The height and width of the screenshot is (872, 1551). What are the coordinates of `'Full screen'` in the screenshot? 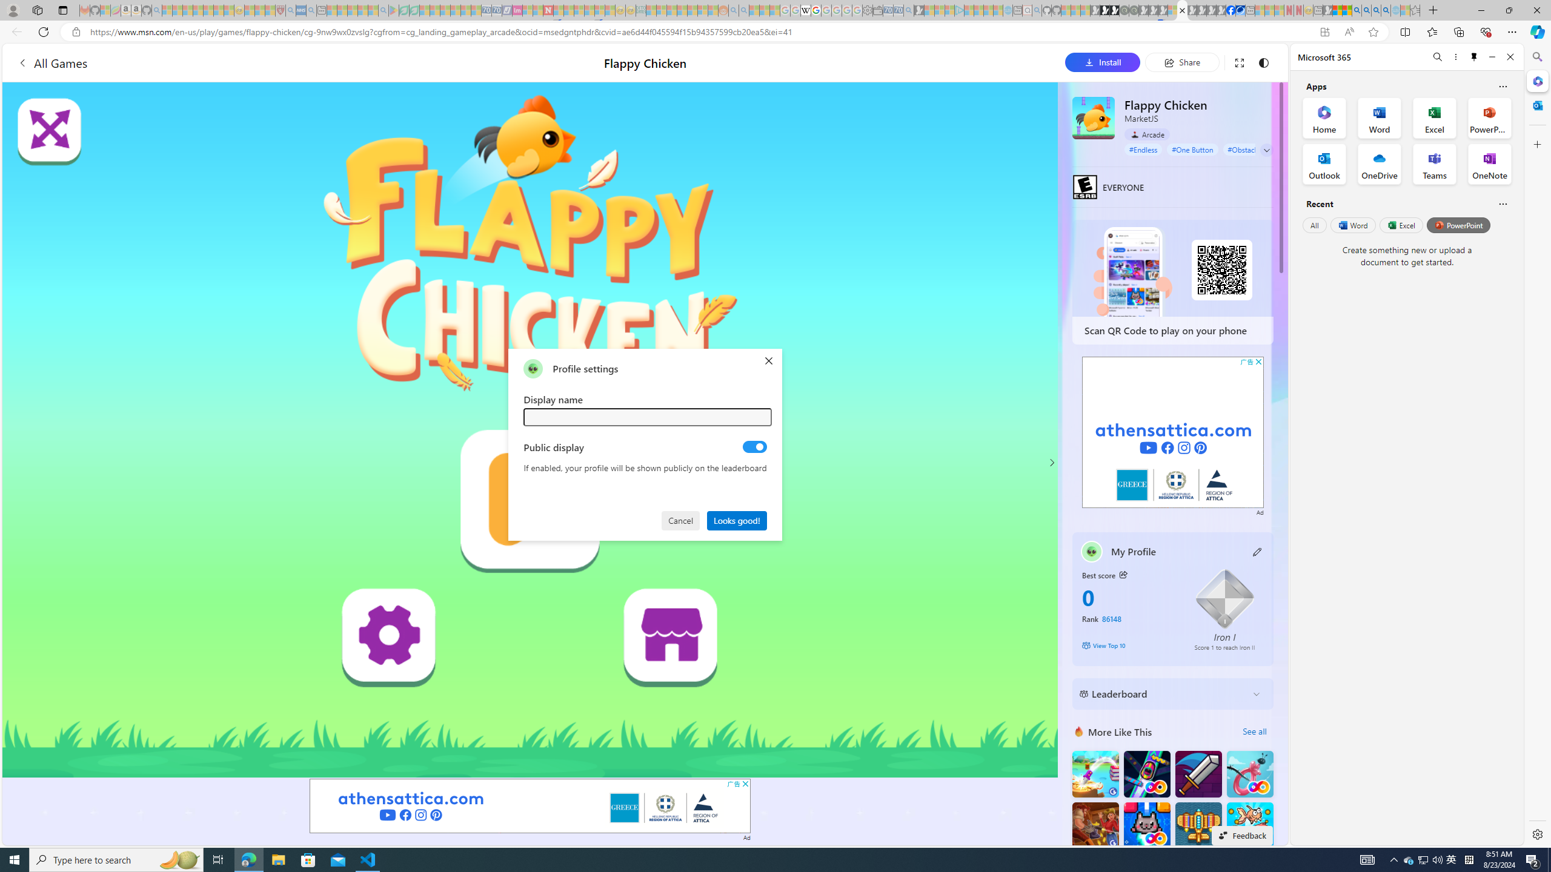 It's located at (1239, 62).